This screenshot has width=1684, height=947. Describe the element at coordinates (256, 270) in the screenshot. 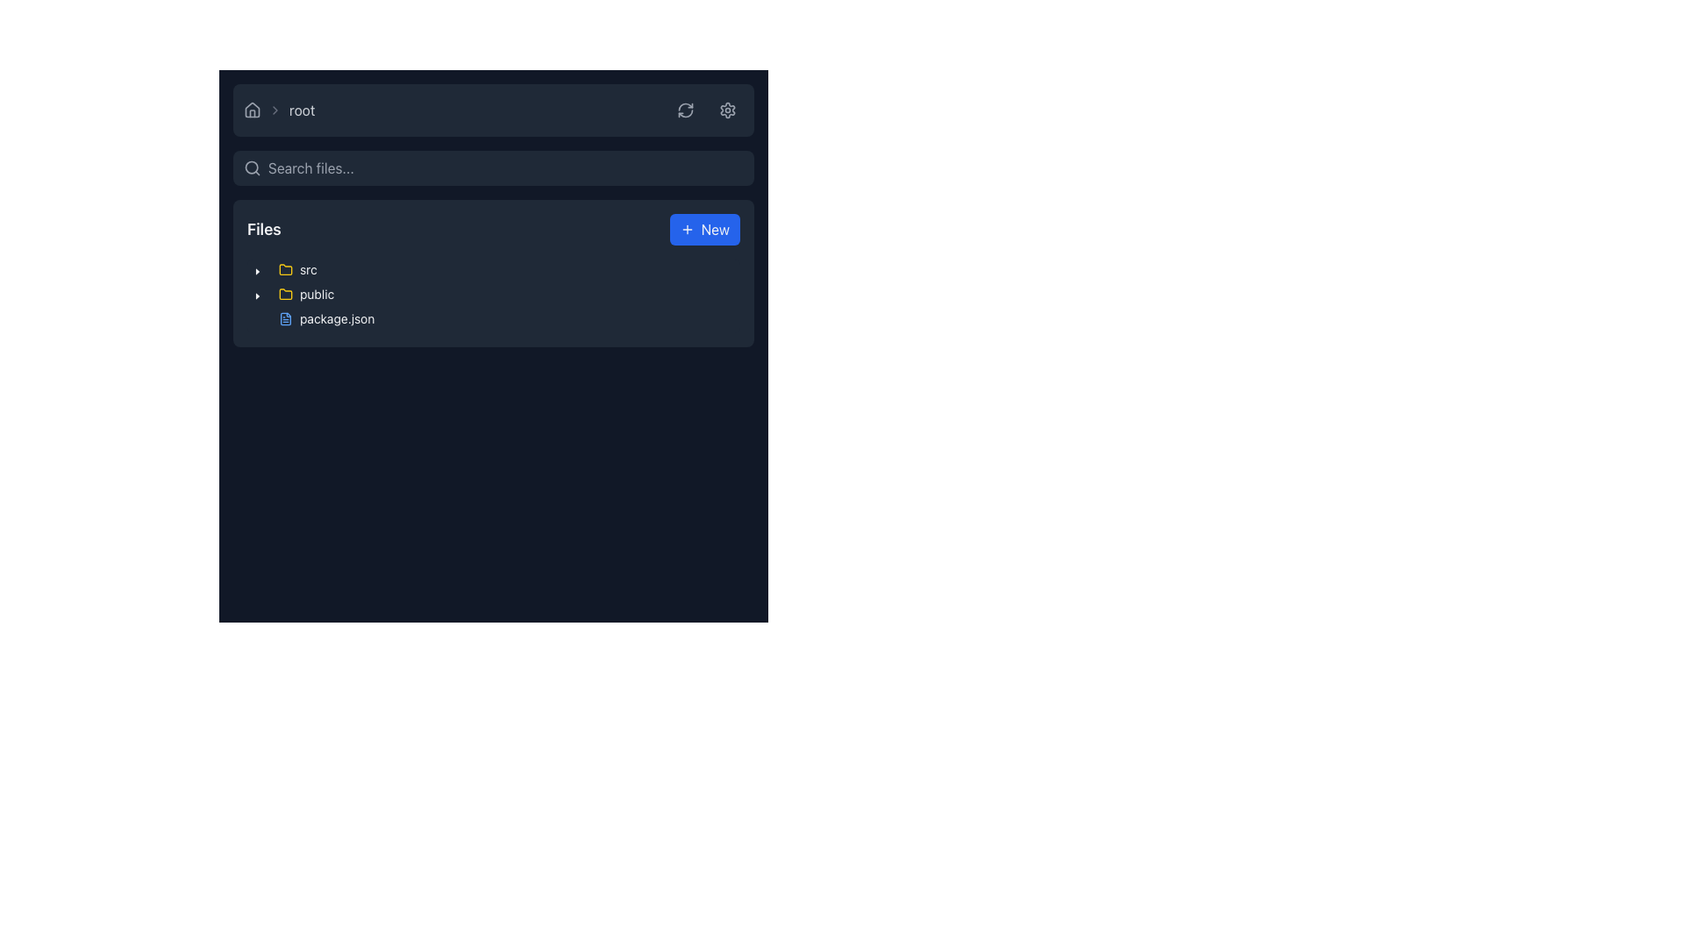

I see `the triangular toggle button next to the 'src' folder` at that location.